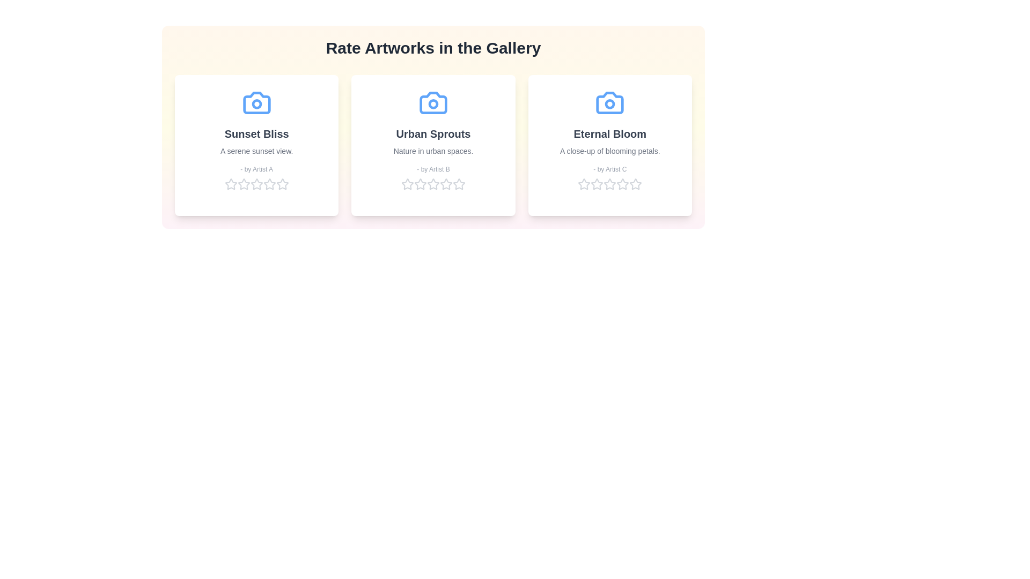 Image resolution: width=1030 pixels, height=579 pixels. Describe the element at coordinates (269, 183) in the screenshot. I see `the star corresponding to 4 for the artwork 'Sunset Bliss' to set its rating` at that location.